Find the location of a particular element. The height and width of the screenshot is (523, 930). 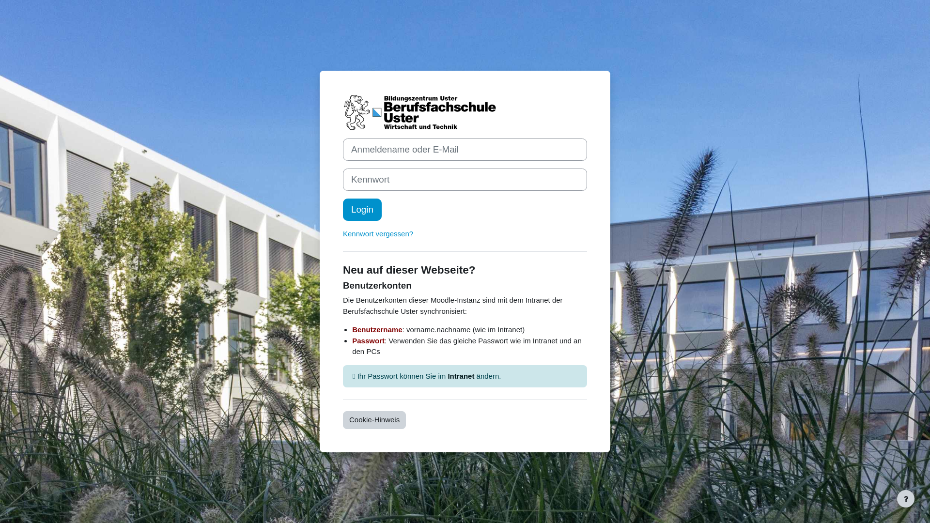

'Intranet' is located at coordinates (460, 375).